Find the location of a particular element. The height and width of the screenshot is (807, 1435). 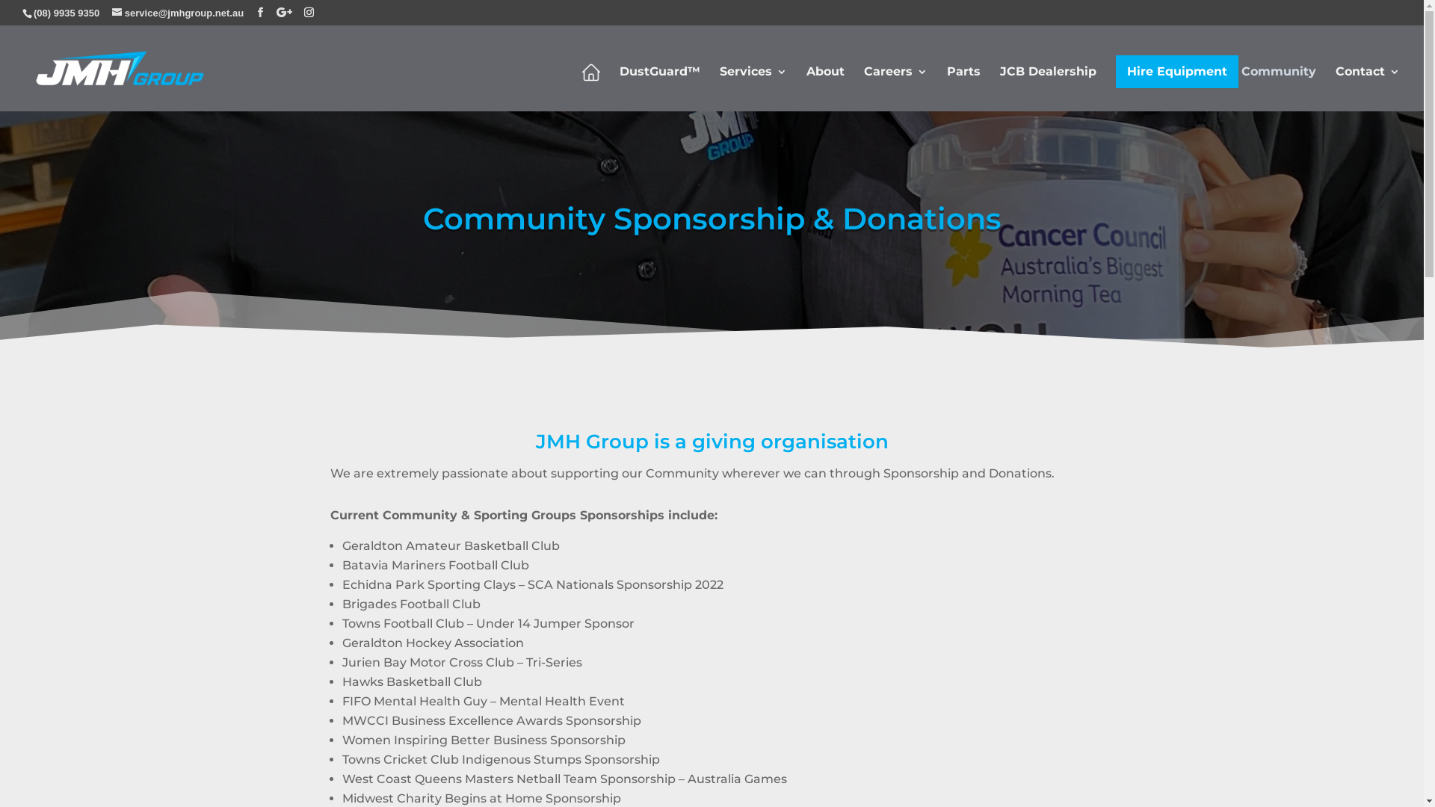

'Services' is located at coordinates (720, 86).